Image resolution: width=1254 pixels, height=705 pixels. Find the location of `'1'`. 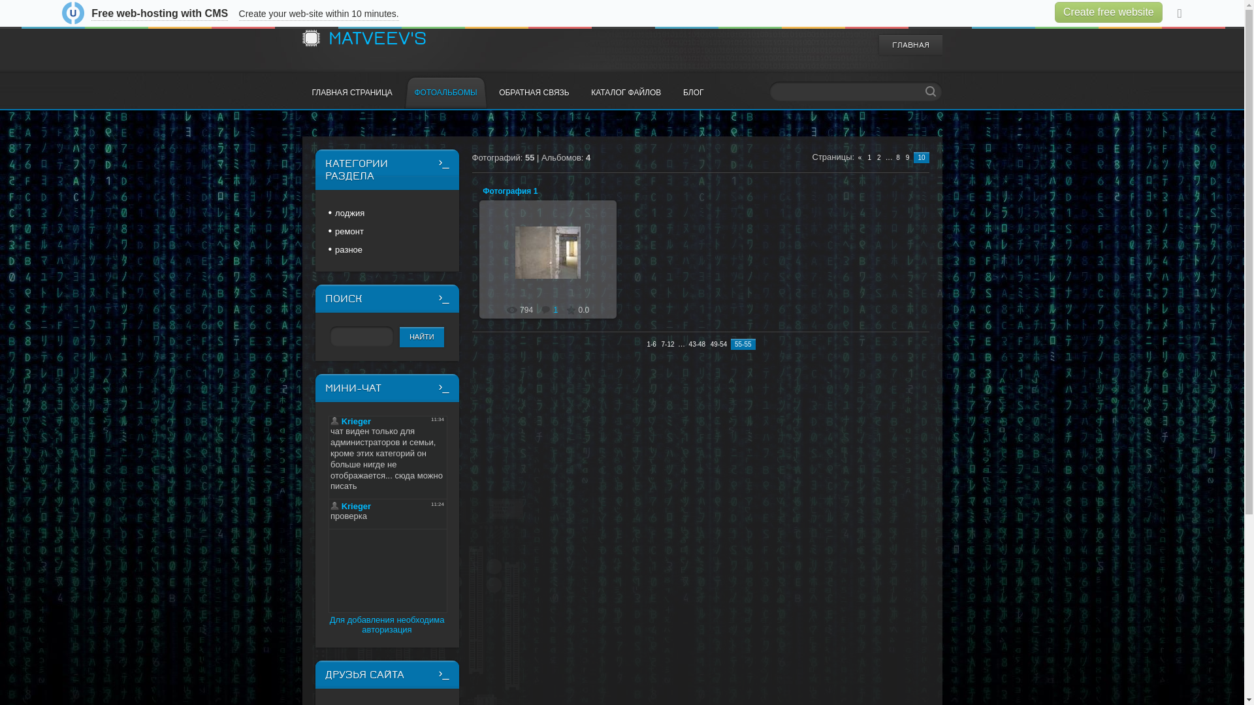

'1' is located at coordinates (549, 309).